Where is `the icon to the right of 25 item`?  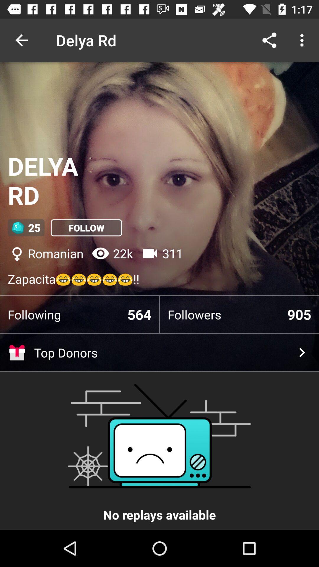 the icon to the right of 25 item is located at coordinates (86, 227).